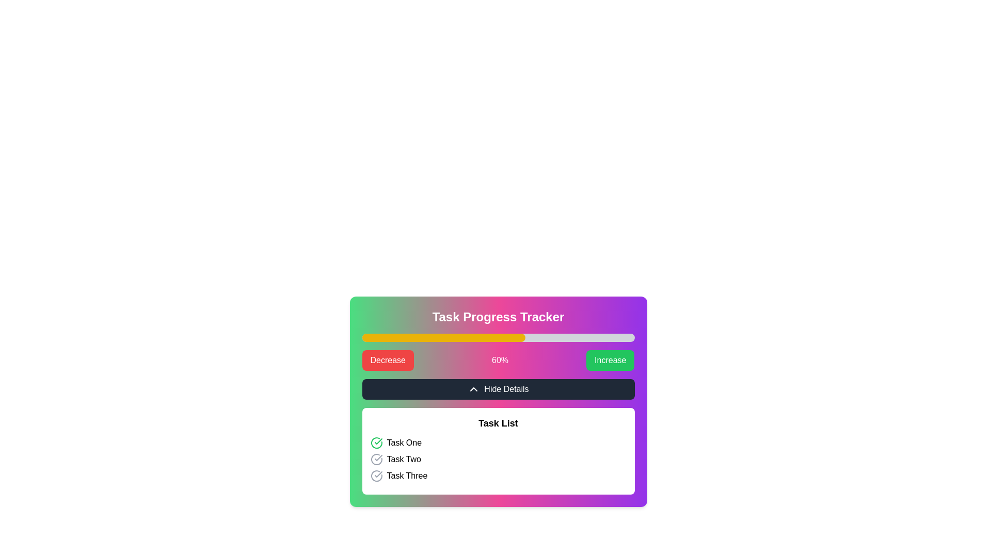  Describe the element at coordinates (498, 316) in the screenshot. I see `the centered header text 'Task Progress Tracker', which is styled with a larger font size and bold characters, located at the top of a colorful gradient box` at that location.